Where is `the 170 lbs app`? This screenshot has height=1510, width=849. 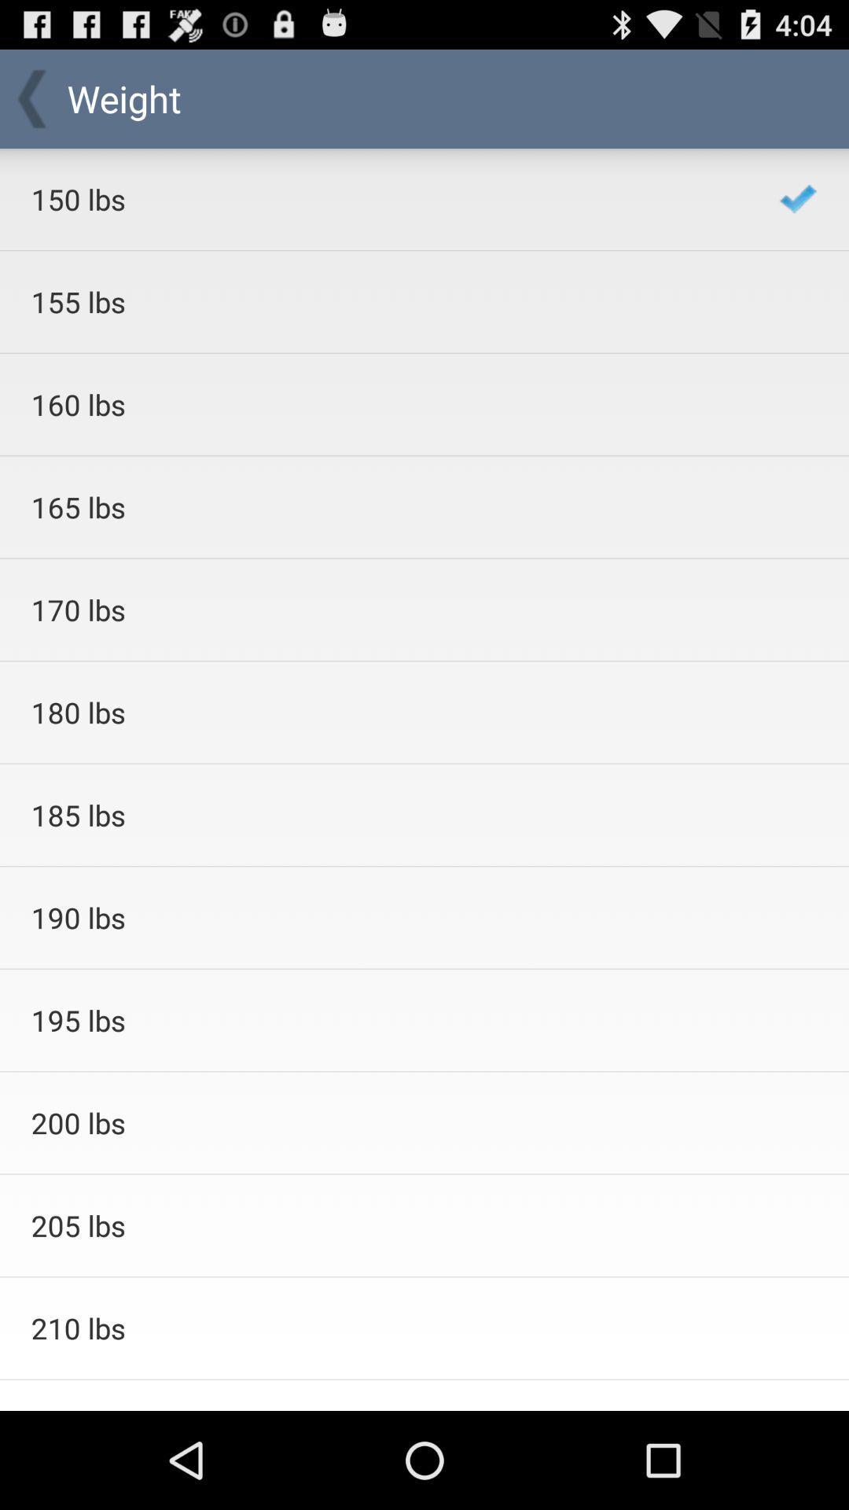
the 170 lbs app is located at coordinates (384, 609).